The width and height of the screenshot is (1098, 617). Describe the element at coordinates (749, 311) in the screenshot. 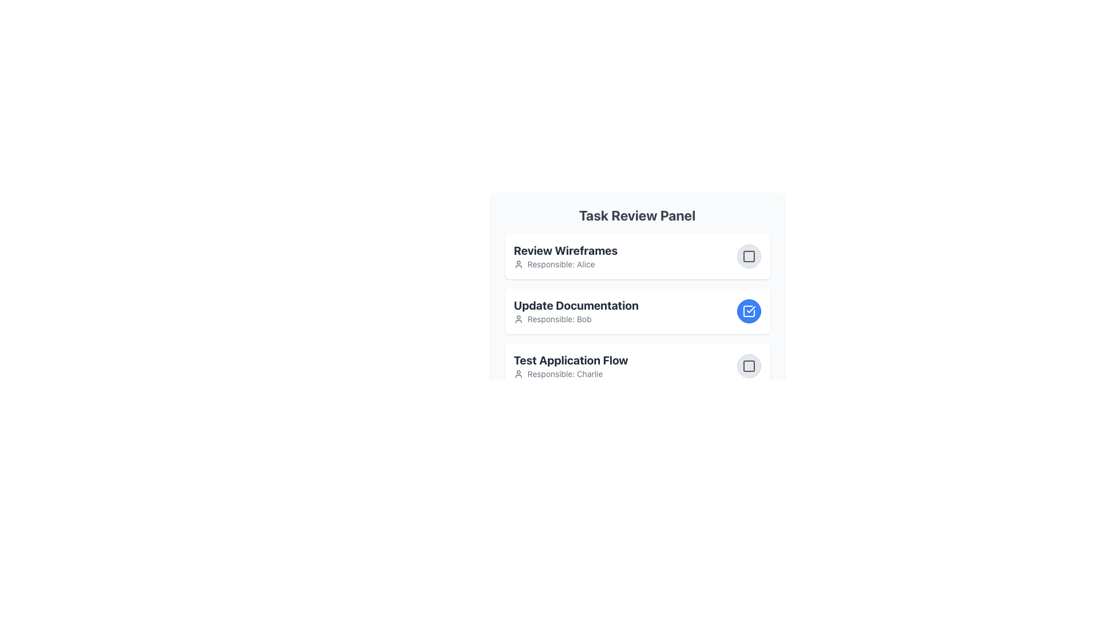

I see `the circular blue button with a white border and checkmark icon located to the right of the 'Update Documentation' text in the 'Task Review Panel' section` at that location.